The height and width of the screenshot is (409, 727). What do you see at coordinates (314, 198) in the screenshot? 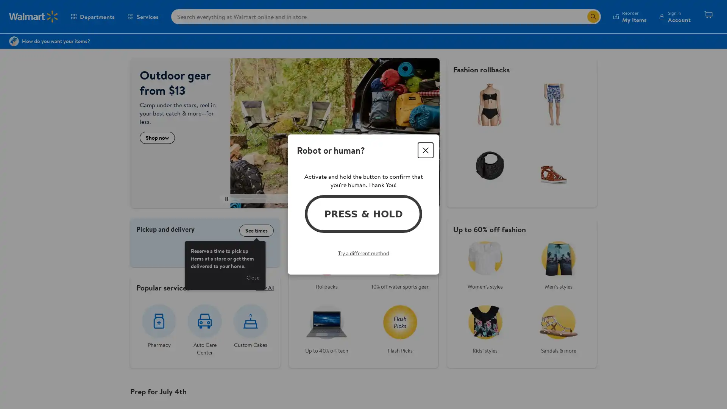
I see `Next carousel slide` at bounding box center [314, 198].